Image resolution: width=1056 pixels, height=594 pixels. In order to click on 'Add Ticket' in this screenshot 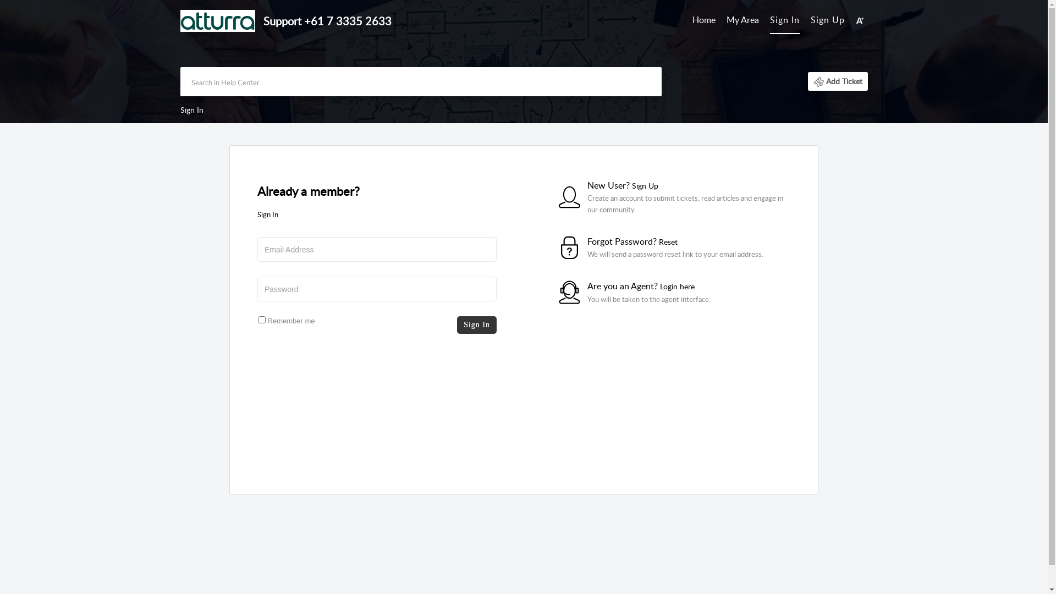, I will do `click(807, 80)`.